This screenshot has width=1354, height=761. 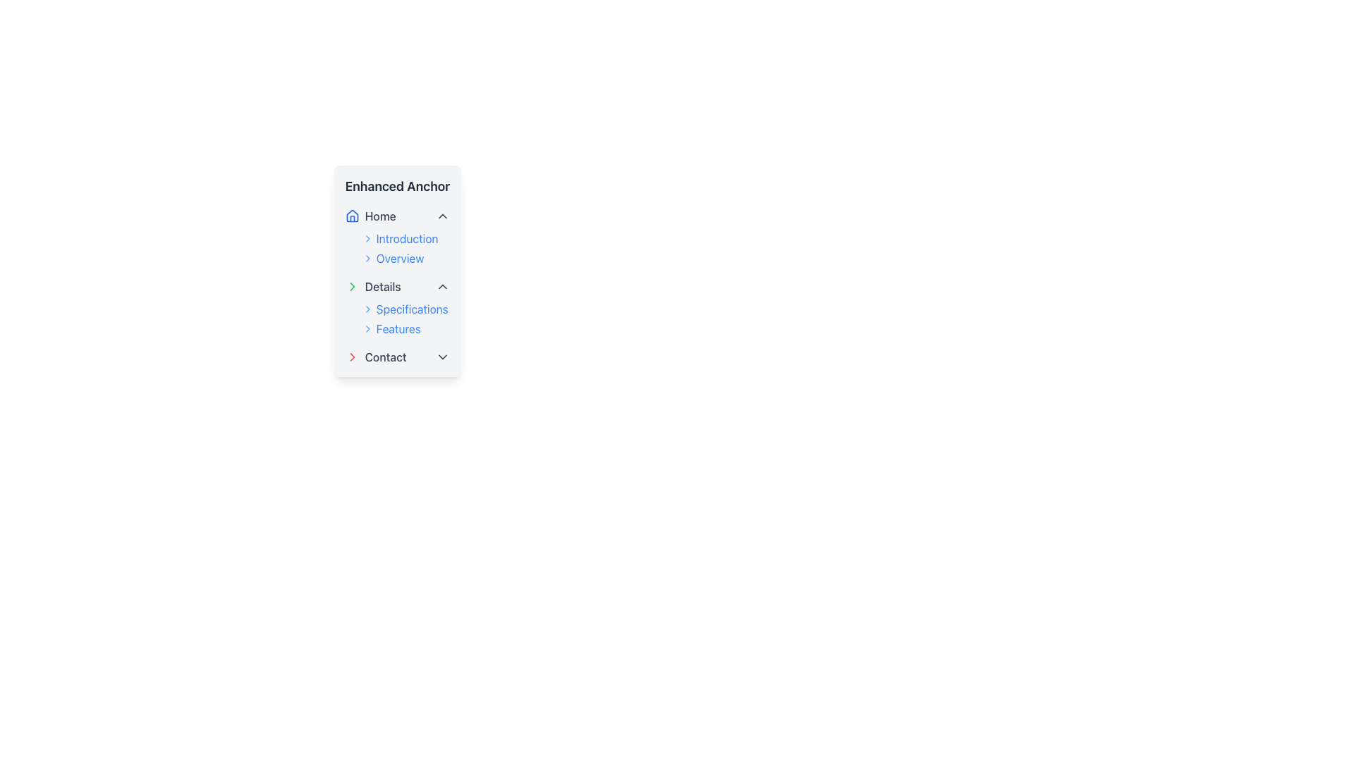 I want to click on the 'Overview' text link in the sidebar navigation, so click(x=399, y=258).